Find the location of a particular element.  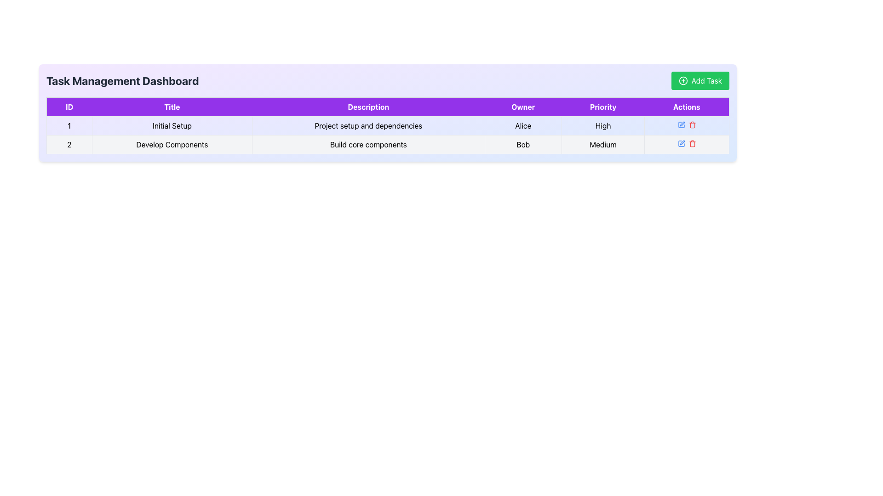

the 'Add Task' button with a green background located in the top-right corner of the interface is located at coordinates (700, 80).